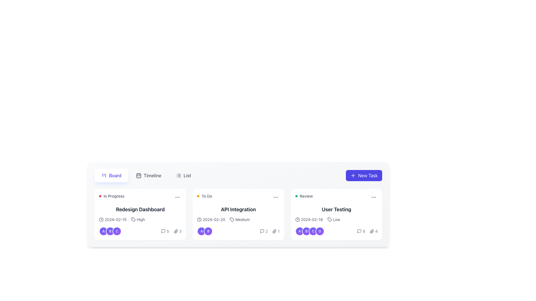 This screenshot has height=301, width=536. What do you see at coordinates (297, 219) in the screenshot?
I see `the circular clock icon with a minimalist outline style located within the 'User Testing' card in the 'Review' section, positioned to the left of the date '2024-02-18'` at bounding box center [297, 219].